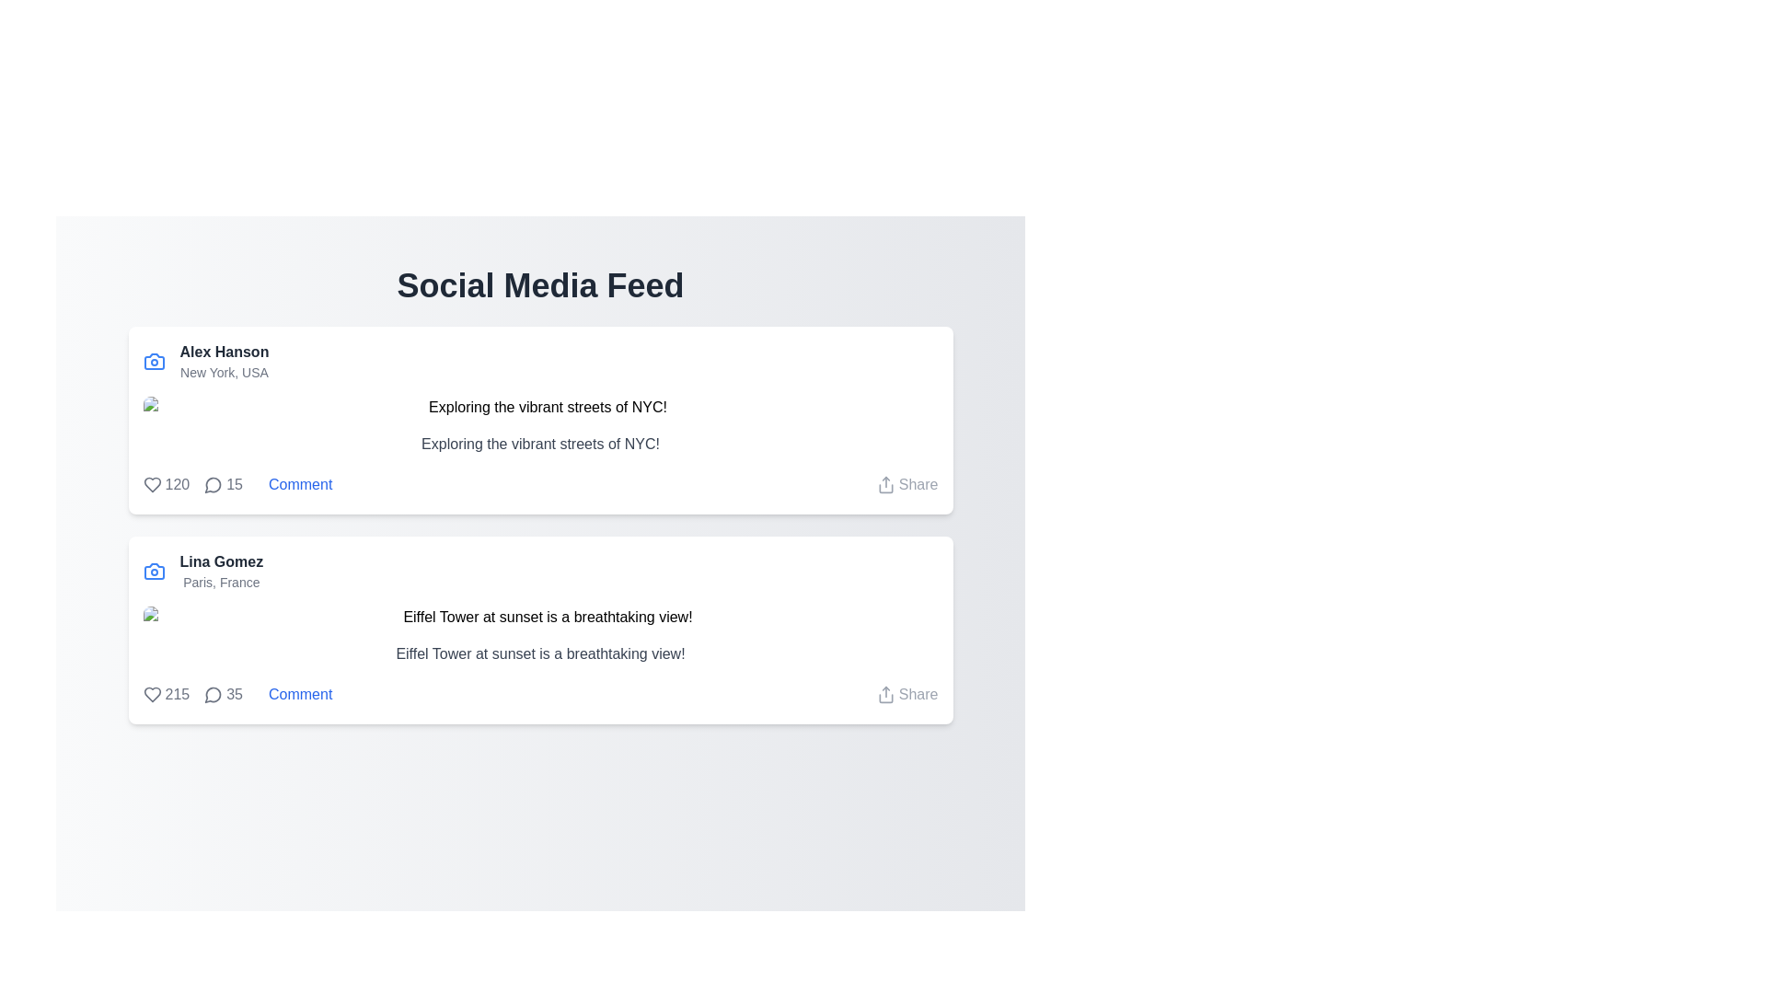 This screenshot has height=994, width=1767. What do you see at coordinates (152, 484) in the screenshot?
I see `the heart icon in the bottom left corner of the first feed post to like or unlike the post` at bounding box center [152, 484].